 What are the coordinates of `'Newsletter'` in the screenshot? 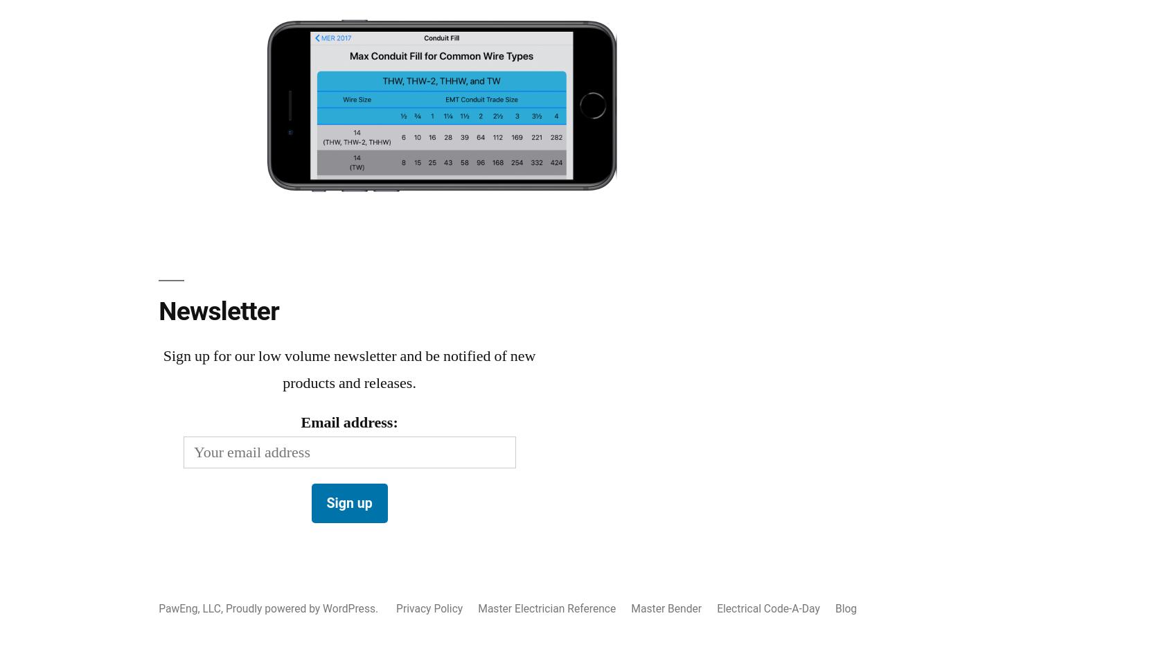 It's located at (218, 311).